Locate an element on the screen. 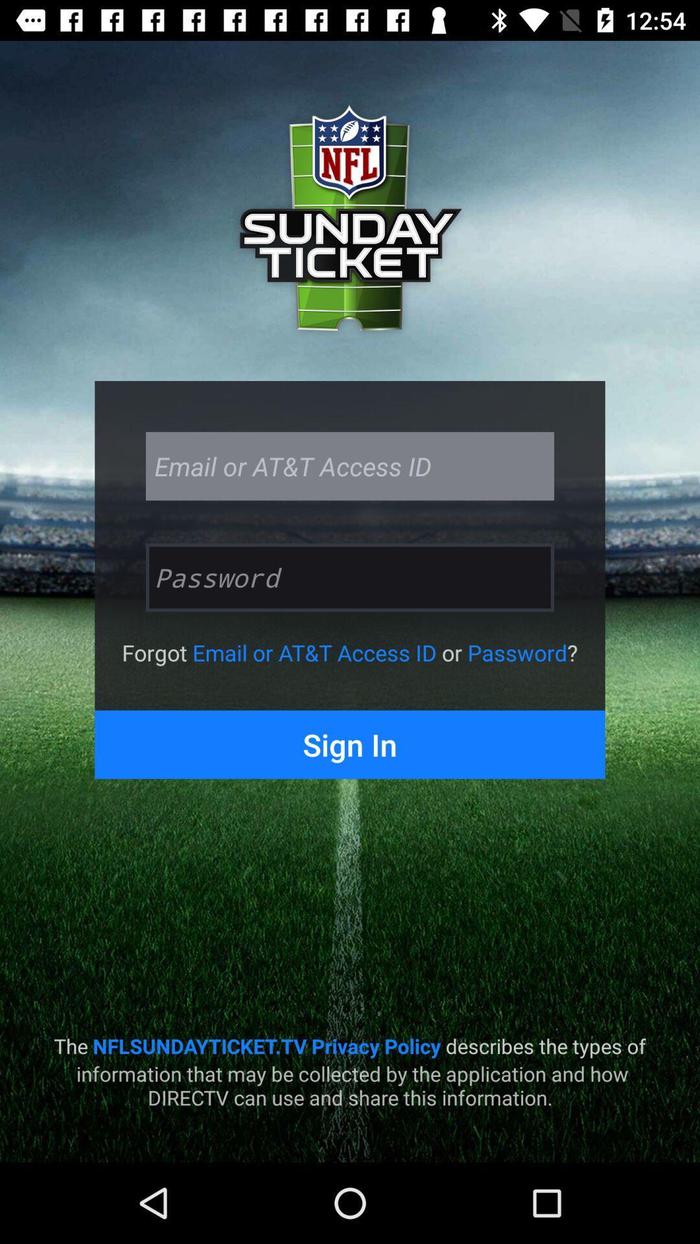  the password field is located at coordinates (350, 577).